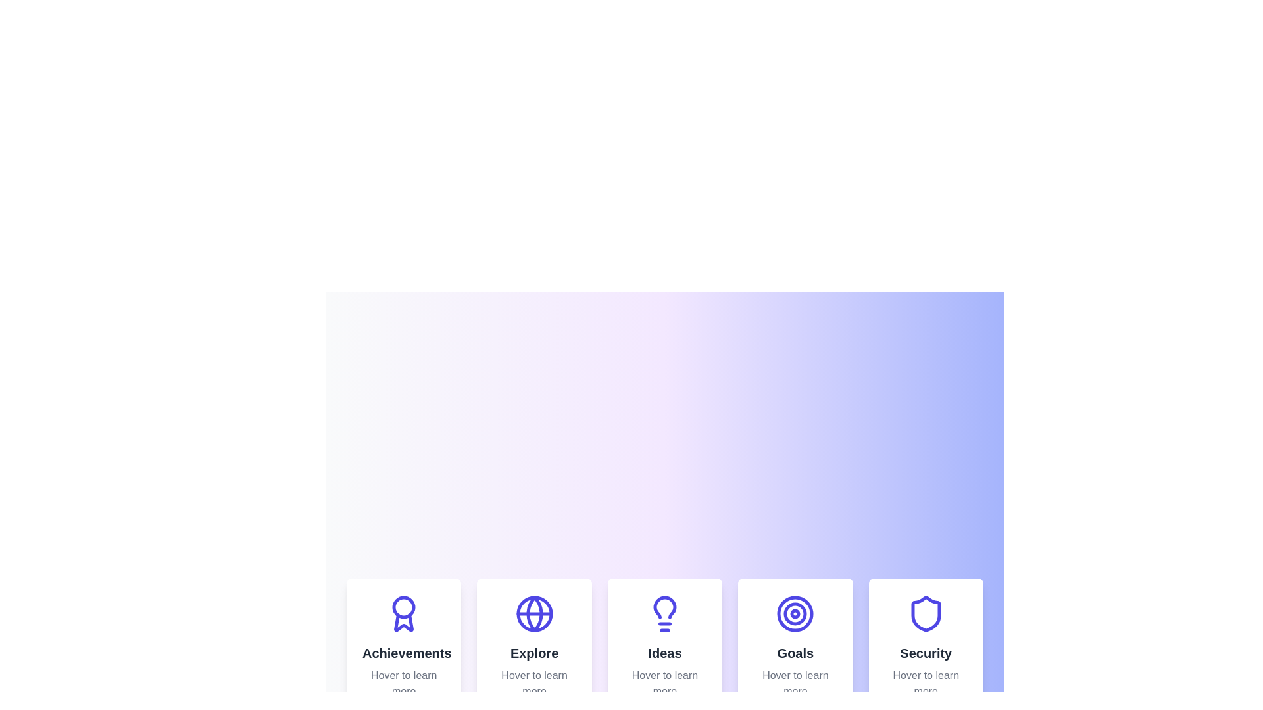 This screenshot has width=1263, height=710. I want to click on the text label saying 'Hover to learn more' located beneath the 'Security' title in the rightmost card, so click(925, 683).